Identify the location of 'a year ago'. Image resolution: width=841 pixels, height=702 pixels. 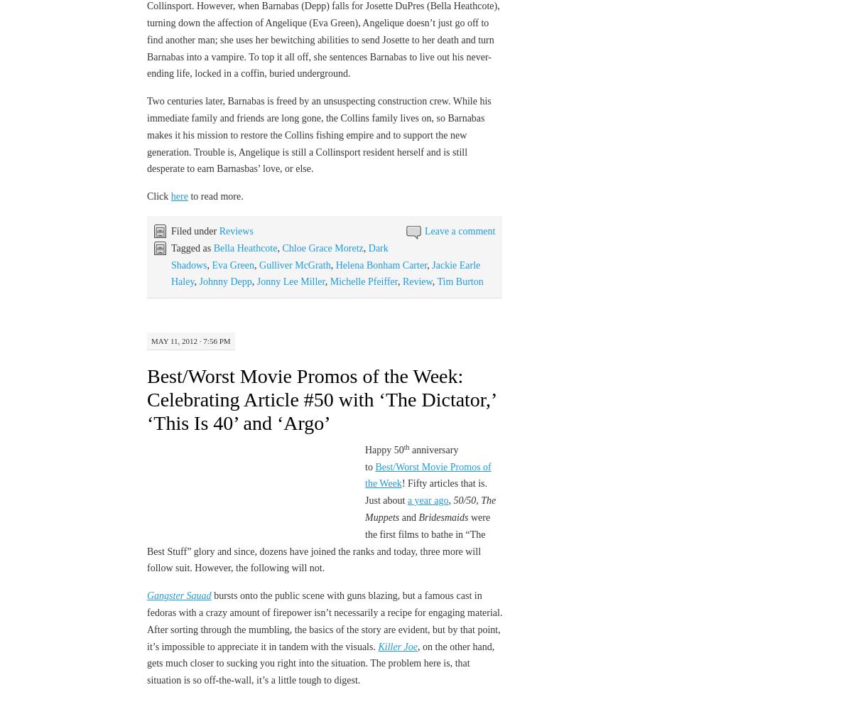
(426, 500).